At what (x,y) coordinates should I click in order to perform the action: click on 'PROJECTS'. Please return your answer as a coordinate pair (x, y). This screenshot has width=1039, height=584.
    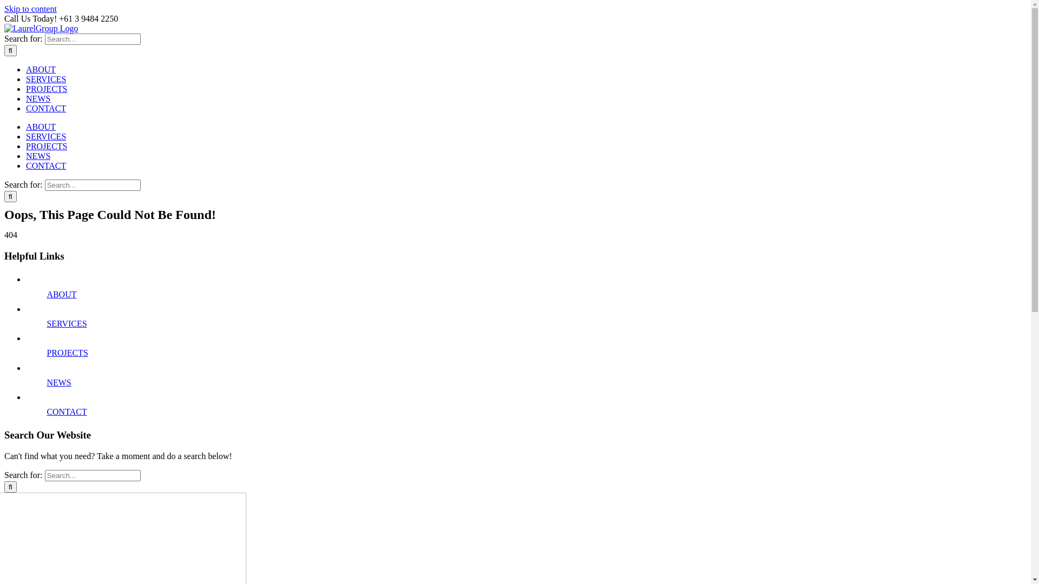
    Looking at the image, I should click on (46, 88).